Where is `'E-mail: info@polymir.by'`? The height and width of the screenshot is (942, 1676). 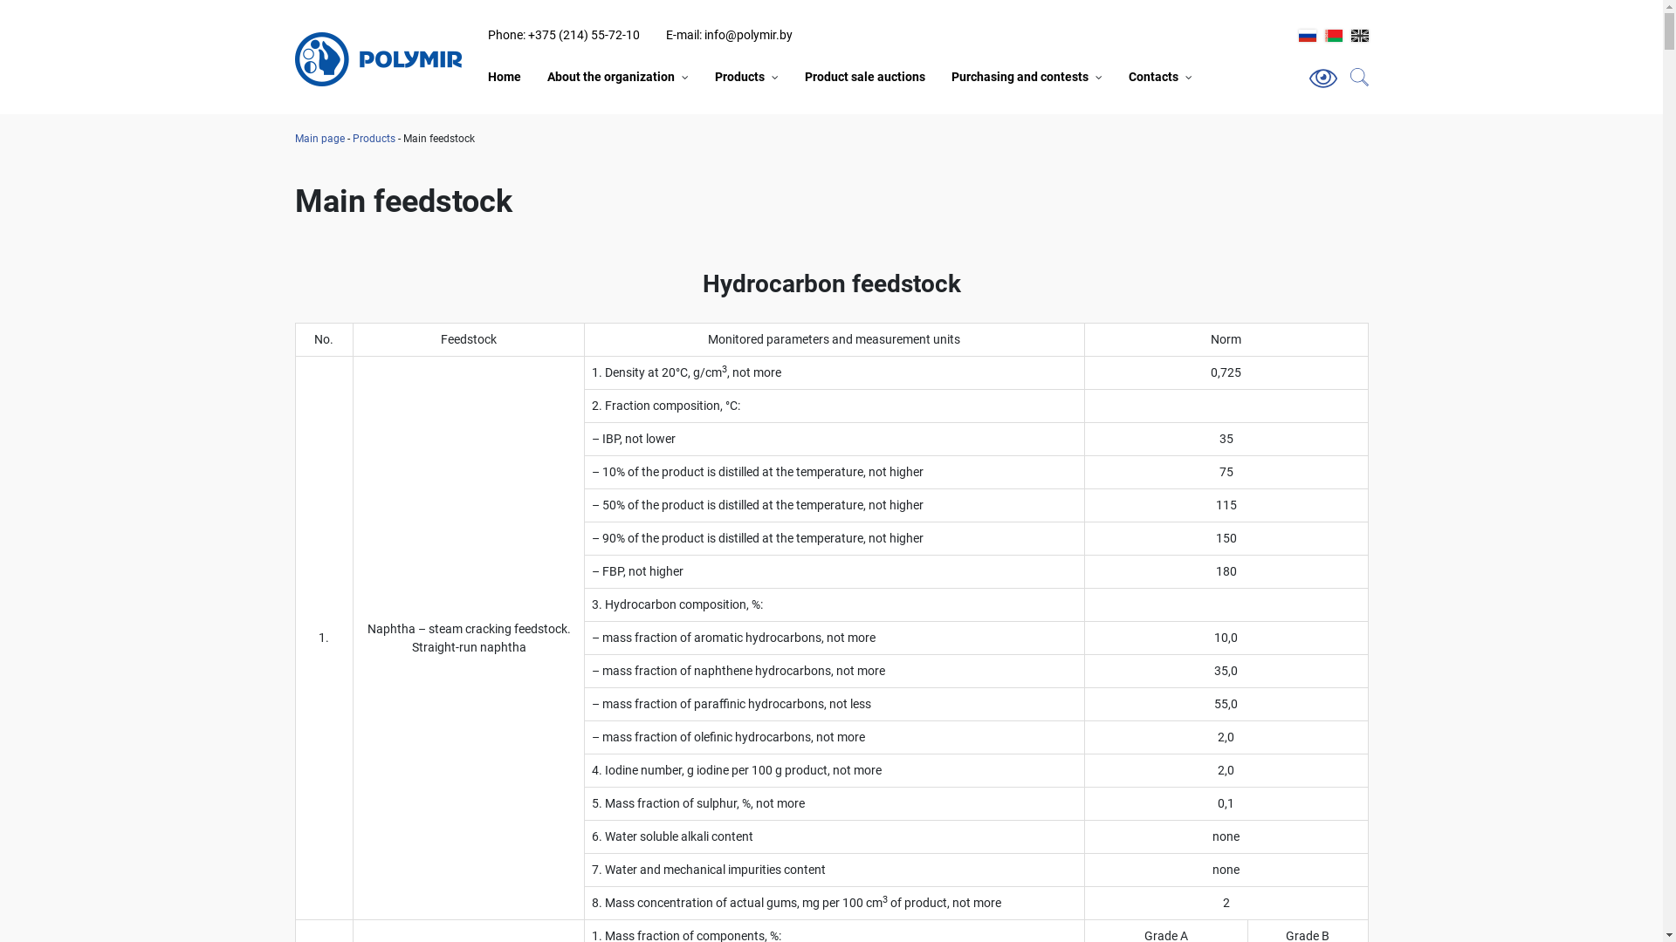
'E-mail: info@polymir.by' is located at coordinates (728, 34).